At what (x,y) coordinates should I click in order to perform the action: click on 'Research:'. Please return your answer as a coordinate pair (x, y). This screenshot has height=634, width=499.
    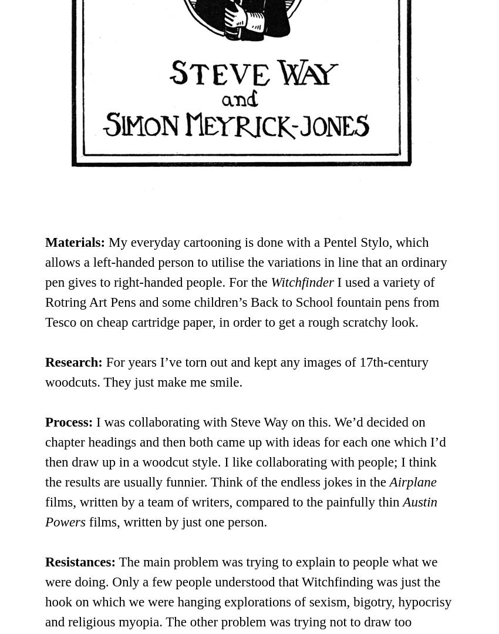
    Looking at the image, I should click on (73, 361).